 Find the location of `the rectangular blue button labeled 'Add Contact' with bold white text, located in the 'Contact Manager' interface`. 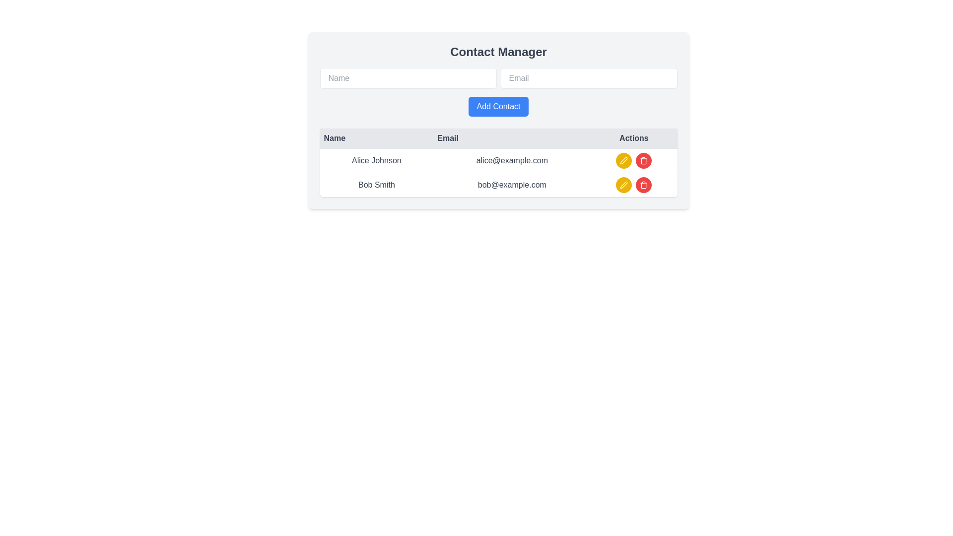

the rectangular blue button labeled 'Add Contact' with bold white text, located in the 'Contact Manager' interface is located at coordinates (498, 92).